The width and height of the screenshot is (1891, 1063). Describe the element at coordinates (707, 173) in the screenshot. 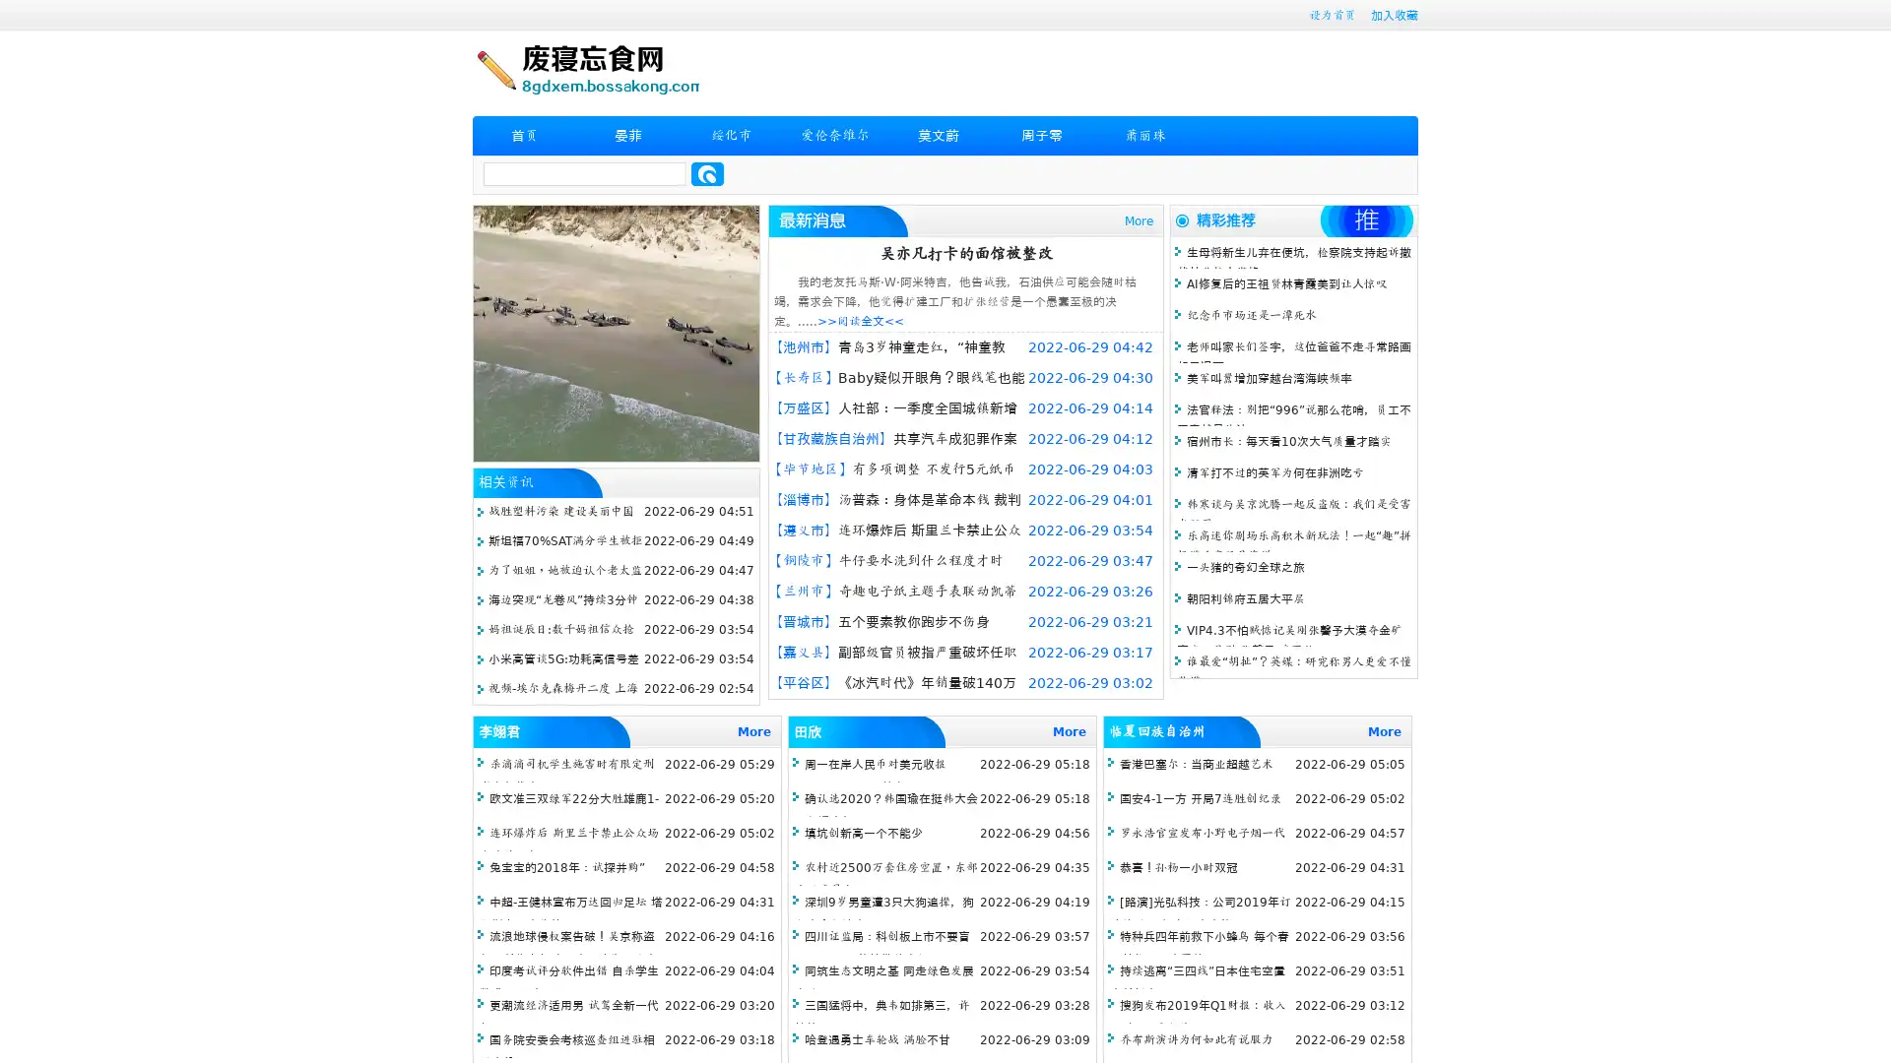

I see `Search` at that location.